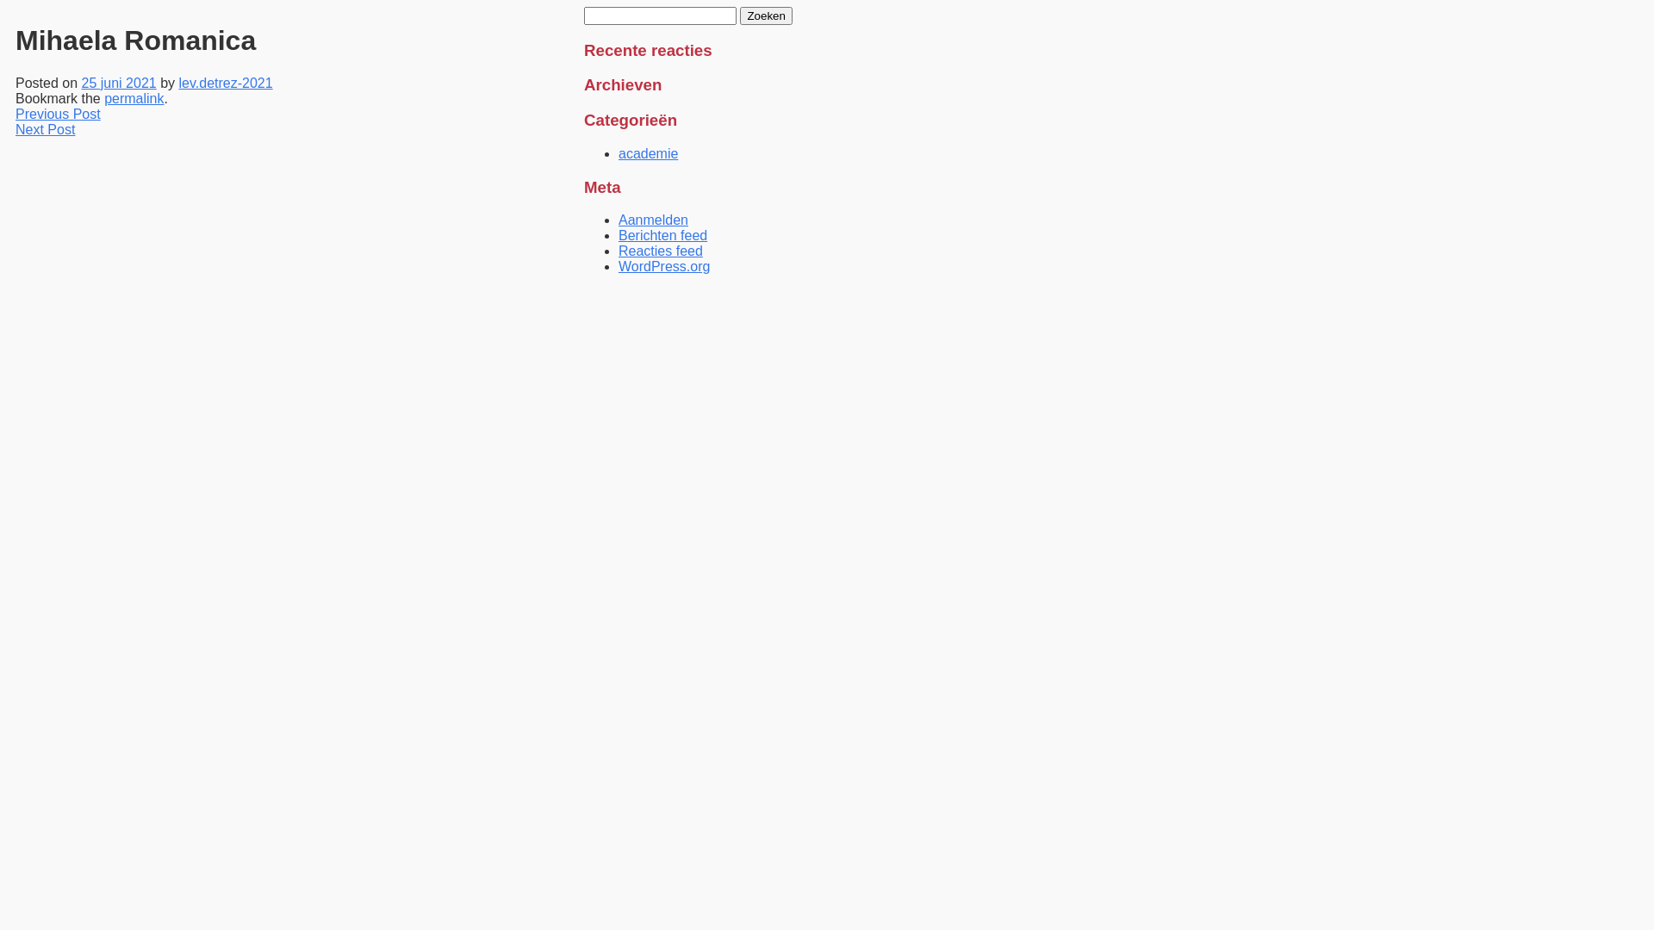  Describe the element at coordinates (662, 235) in the screenshot. I see `'Berichten feed'` at that location.